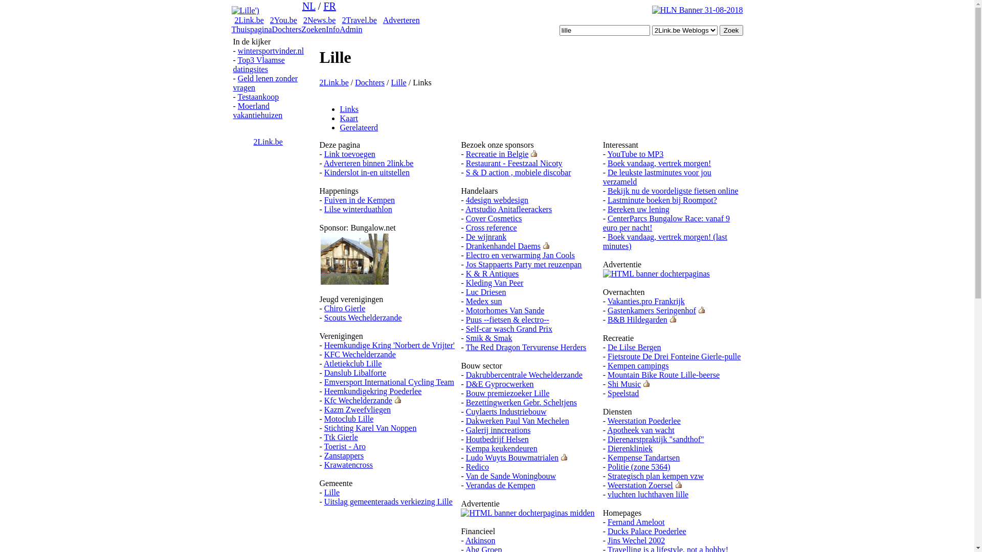  Describe the element at coordinates (488, 338) in the screenshot. I see `'Smik & Smak'` at that location.